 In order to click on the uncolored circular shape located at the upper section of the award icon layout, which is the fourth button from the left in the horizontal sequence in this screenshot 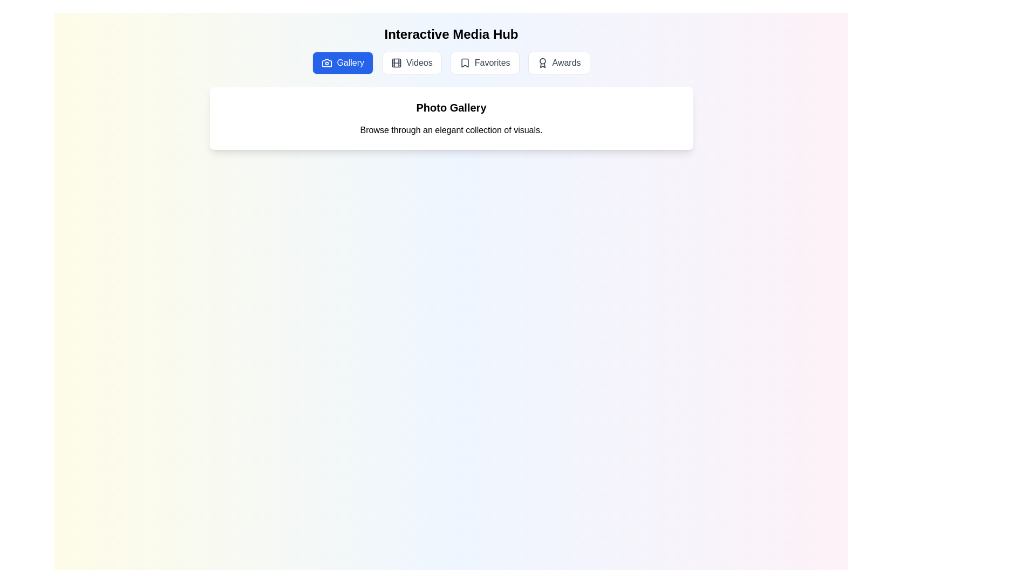, I will do `click(542, 61)`.